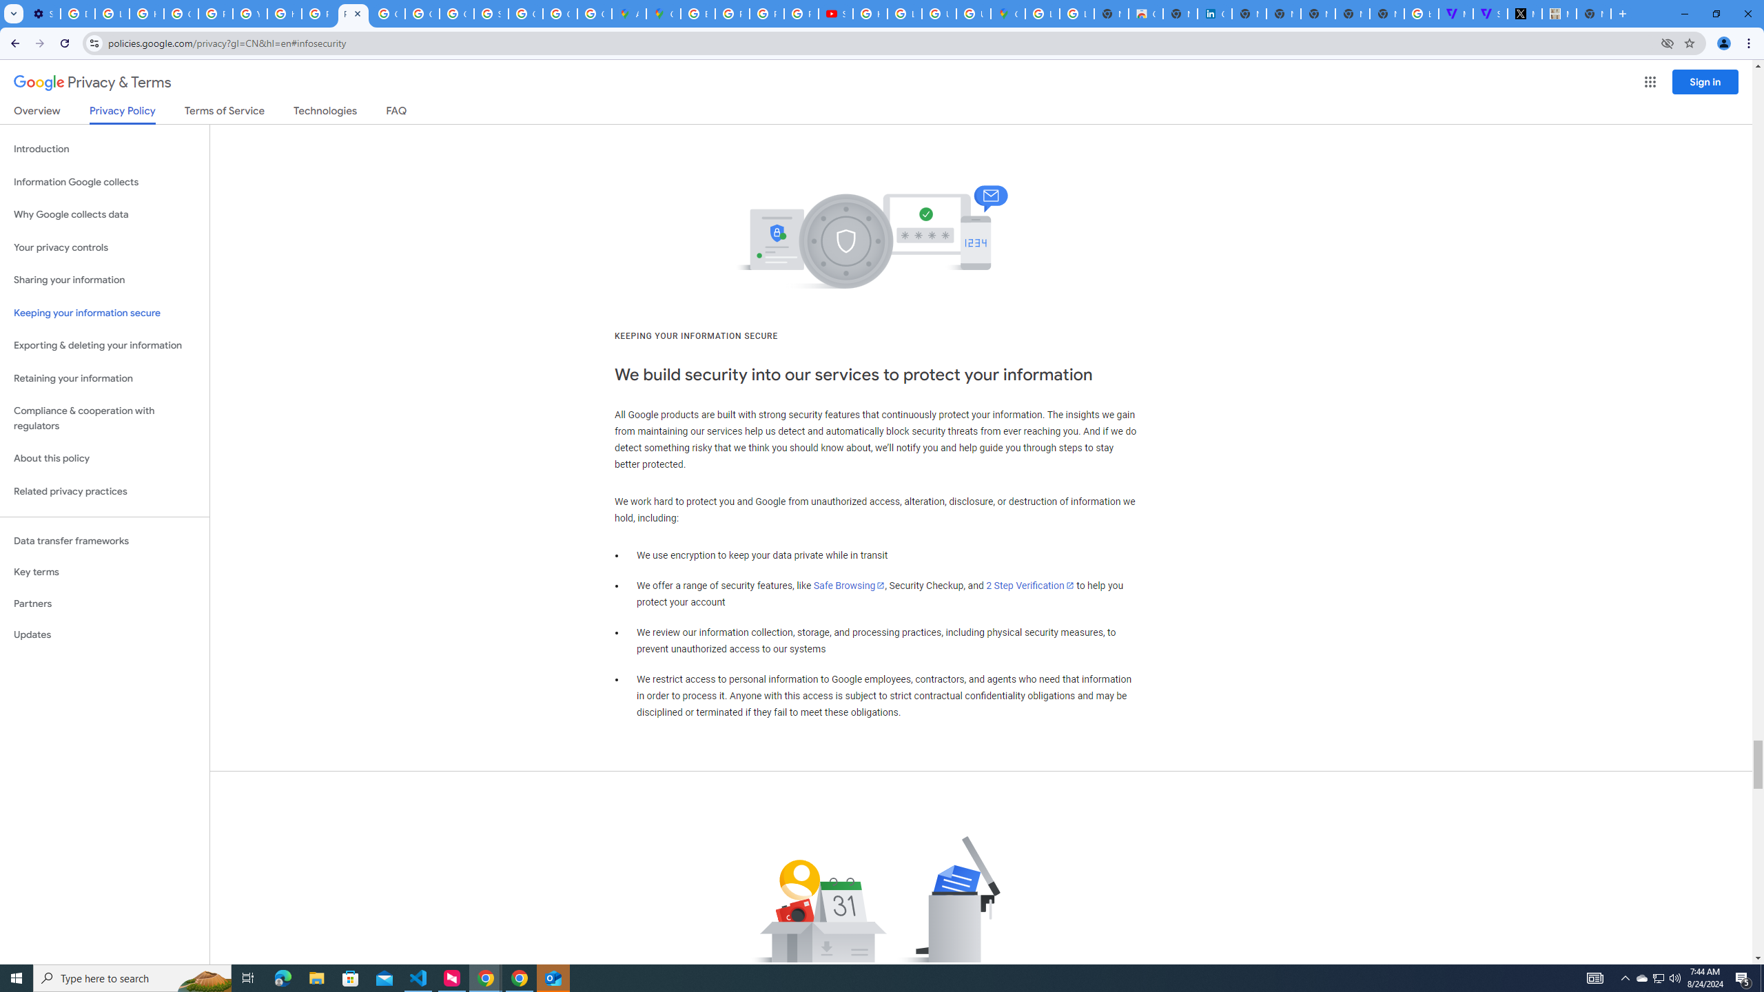 Image resolution: width=1764 pixels, height=992 pixels. I want to click on 'Why Google collects data', so click(104, 214).